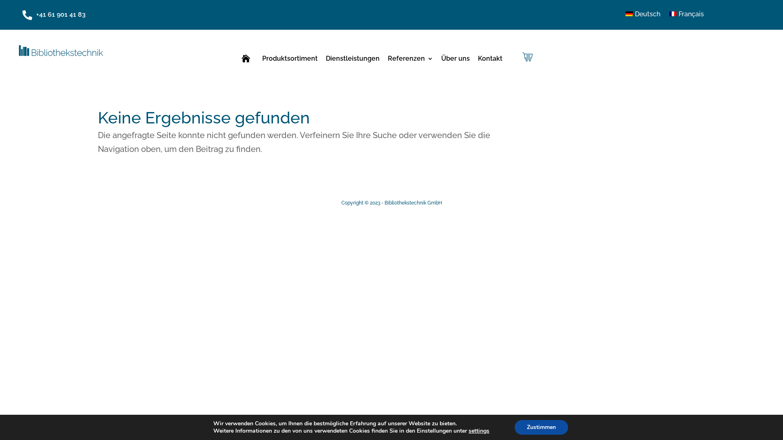  I want to click on 'Referenzen', so click(410, 59).